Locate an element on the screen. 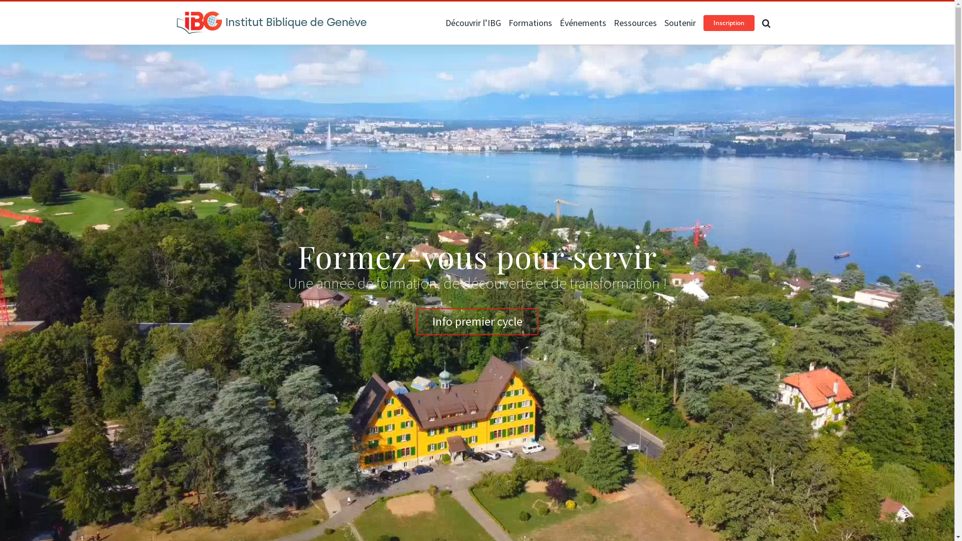  'Ressources' is located at coordinates (634, 23).